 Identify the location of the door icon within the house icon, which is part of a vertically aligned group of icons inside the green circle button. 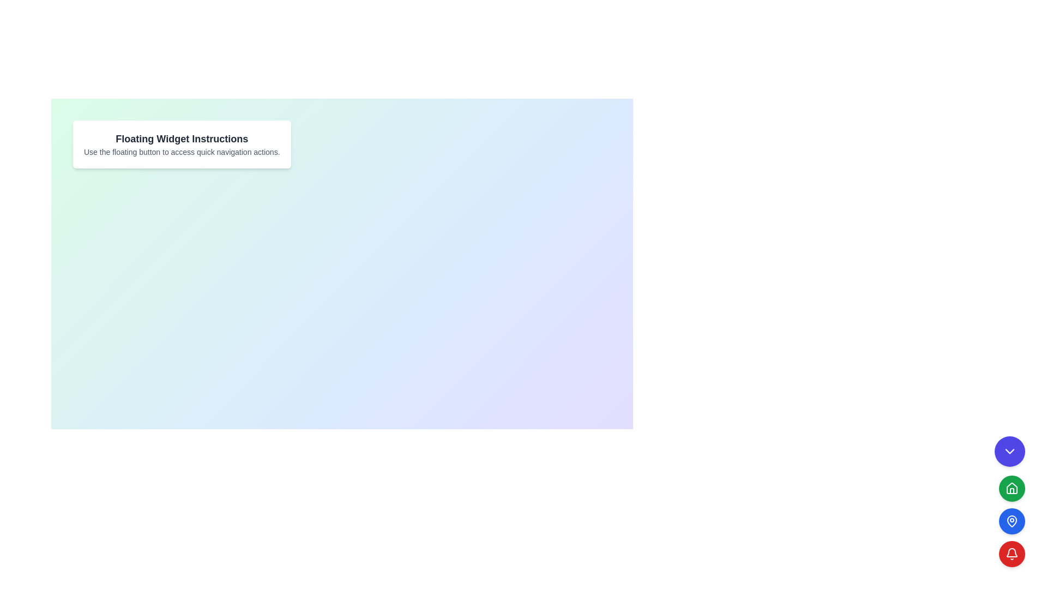
(1012, 491).